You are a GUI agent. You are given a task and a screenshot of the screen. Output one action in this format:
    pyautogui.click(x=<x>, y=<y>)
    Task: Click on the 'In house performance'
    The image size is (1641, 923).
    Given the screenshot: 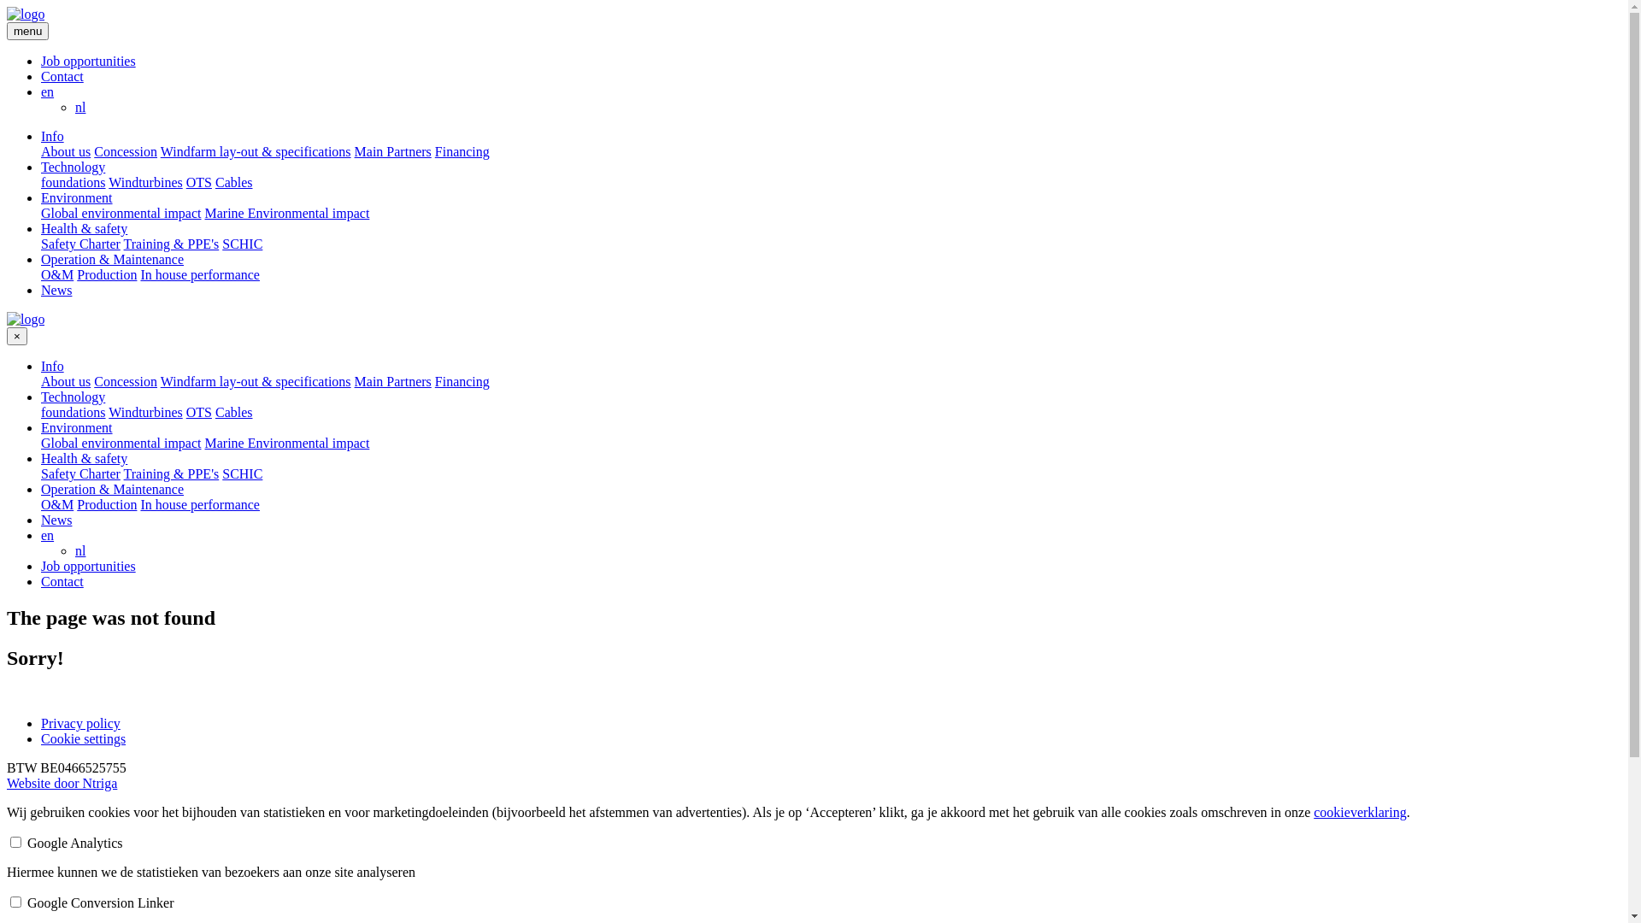 What is the action you would take?
    pyautogui.click(x=200, y=273)
    